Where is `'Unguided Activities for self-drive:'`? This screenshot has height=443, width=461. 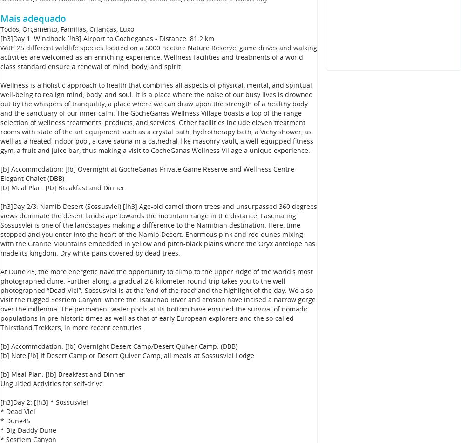
'Unguided Activities for self-drive:' is located at coordinates (52, 383).